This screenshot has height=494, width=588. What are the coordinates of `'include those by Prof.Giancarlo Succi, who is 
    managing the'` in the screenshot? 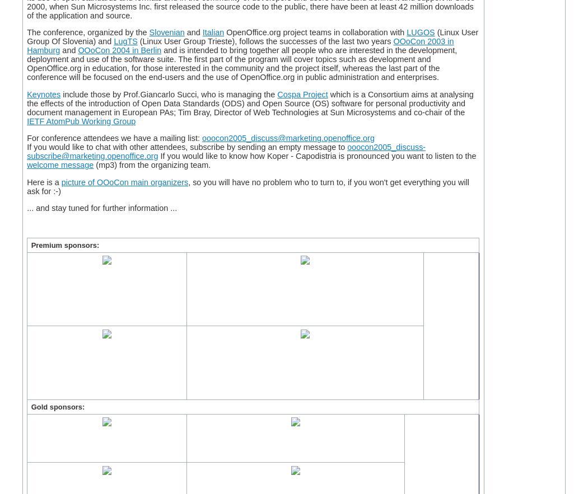 It's located at (169, 94).